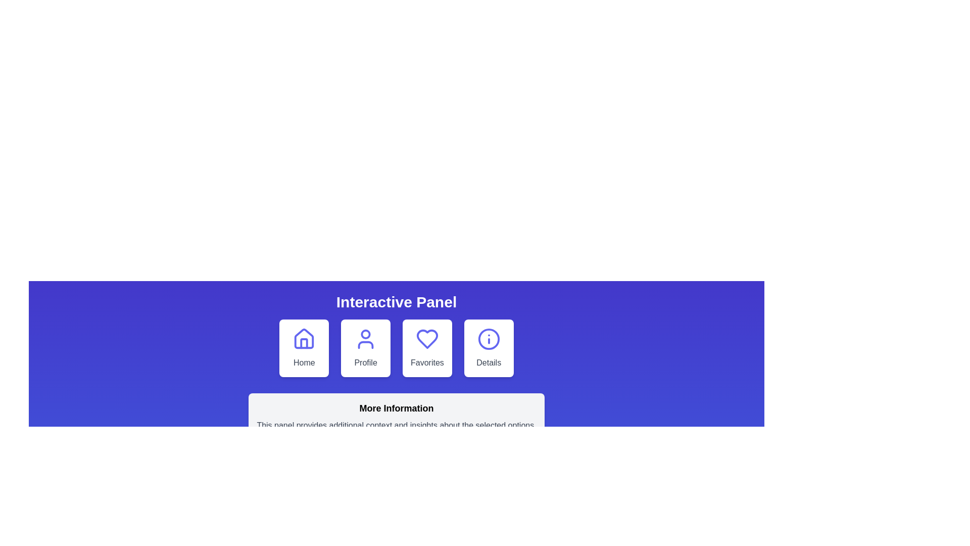 Image resolution: width=970 pixels, height=546 pixels. Describe the element at coordinates (365, 348) in the screenshot. I see `the profile button located between the Home and Favorites buttons to trigger a visual effect` at that location.